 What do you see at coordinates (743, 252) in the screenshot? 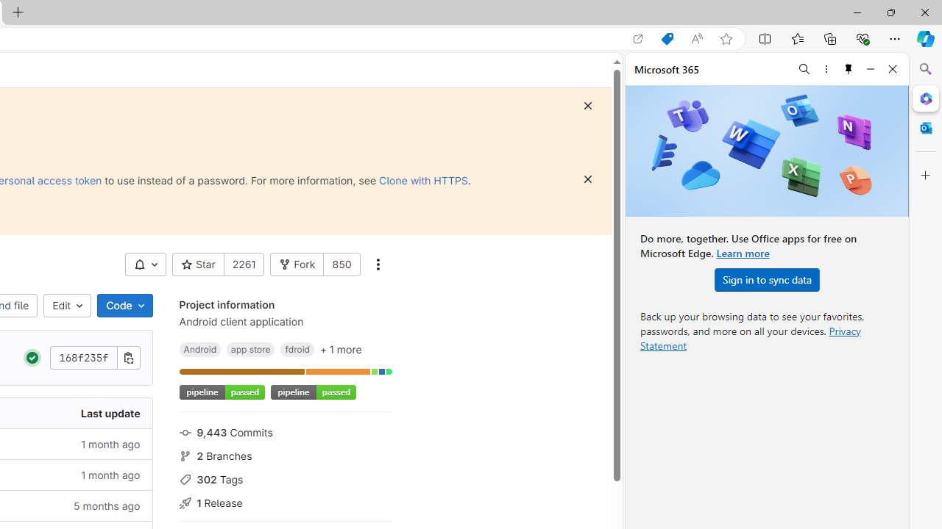
I see `'Learn more about Microsoft Office.'` at bounding box center [743, 252].